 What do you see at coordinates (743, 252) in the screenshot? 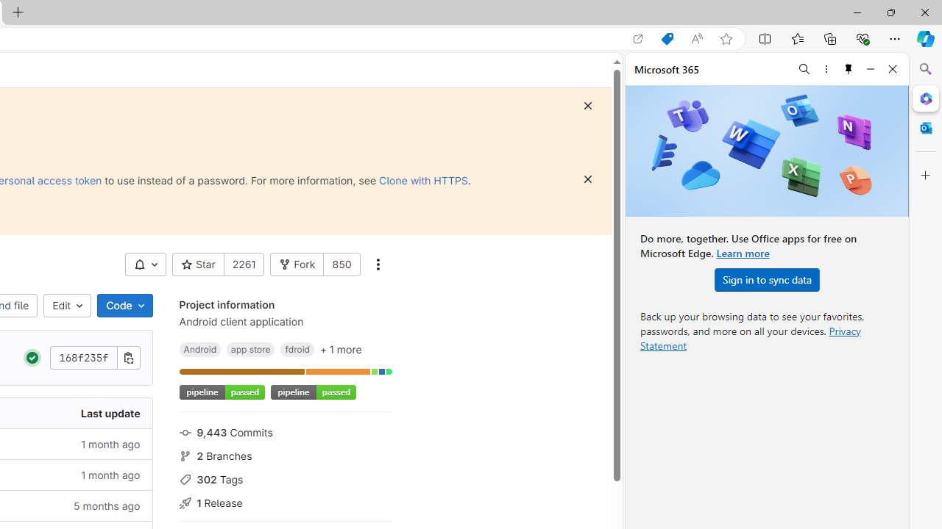
I see `'Learn more about Microsoft Office.'` at bounding box center [743, 252].